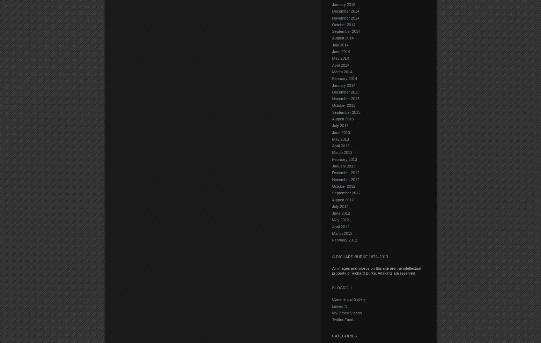 The height and width of the screenshot is (343, 541). Describe the element at coordinates (340, 206) in the screenshot. I see `'July 2012'` at that location.